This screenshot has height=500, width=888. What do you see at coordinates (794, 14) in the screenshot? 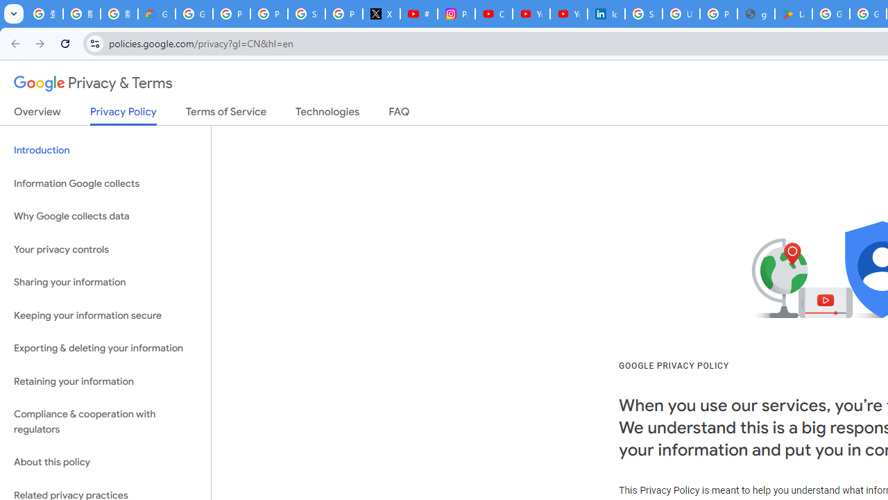
I see `'Last Shelter: Survival - Apps on Google Play'` at bounding box center [794, 14].